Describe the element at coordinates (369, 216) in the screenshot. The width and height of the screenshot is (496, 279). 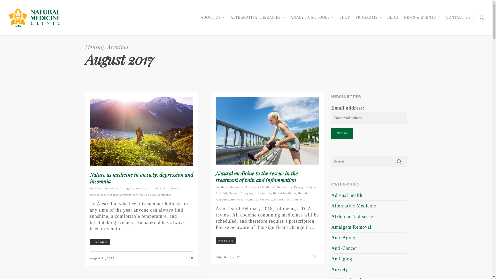
I see `'Alzheimer's disease'` at that location.